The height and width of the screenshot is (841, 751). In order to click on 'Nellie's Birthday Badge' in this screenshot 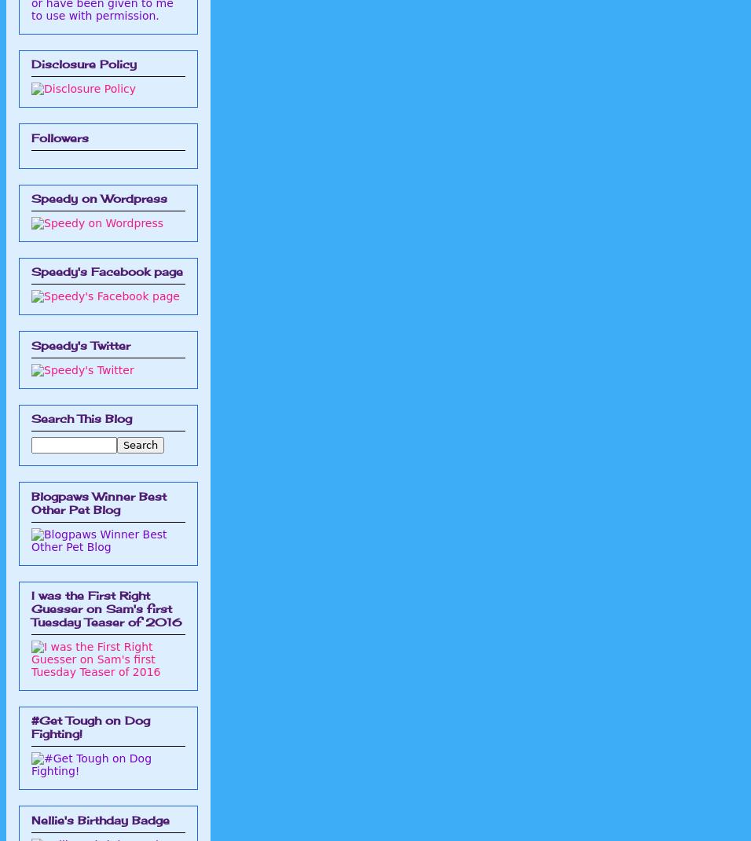, I will do `click(101, 819)`.